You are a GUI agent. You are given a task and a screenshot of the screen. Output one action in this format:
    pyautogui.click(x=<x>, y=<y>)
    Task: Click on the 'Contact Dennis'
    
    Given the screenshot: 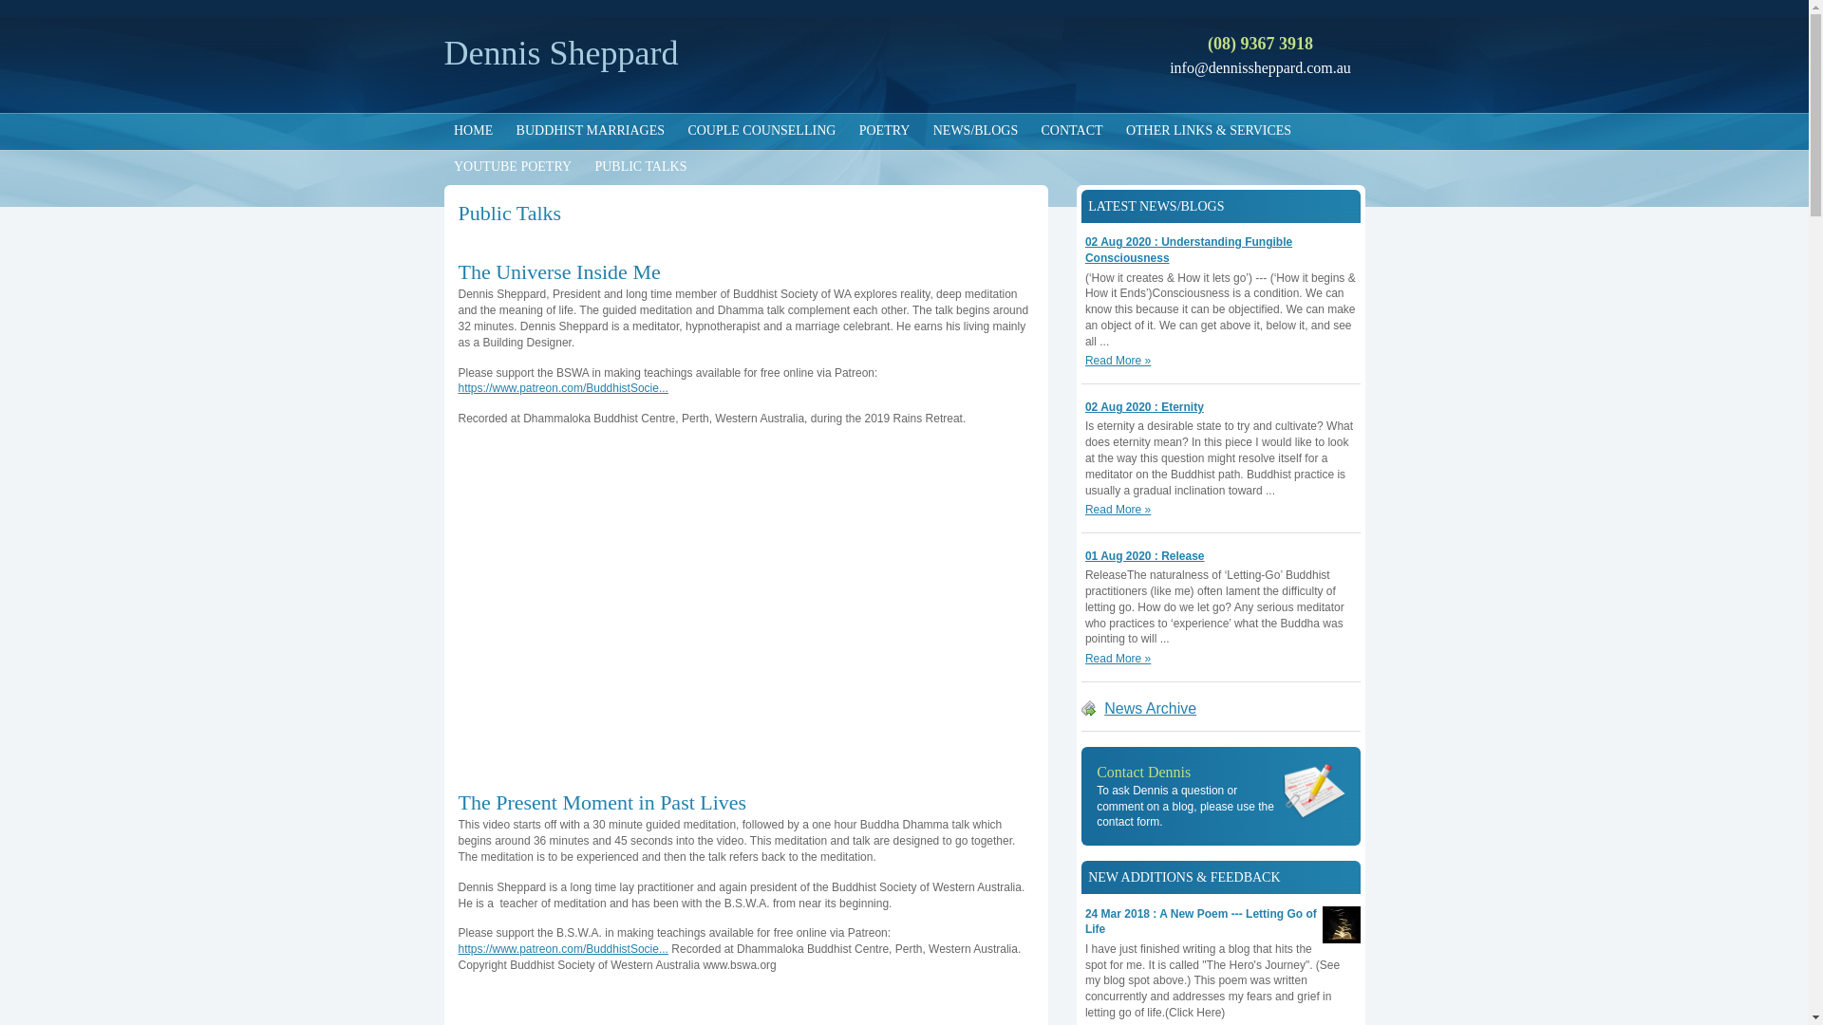 What is the action you would take?
    pyautogui.click(x=1142, y=771)
    